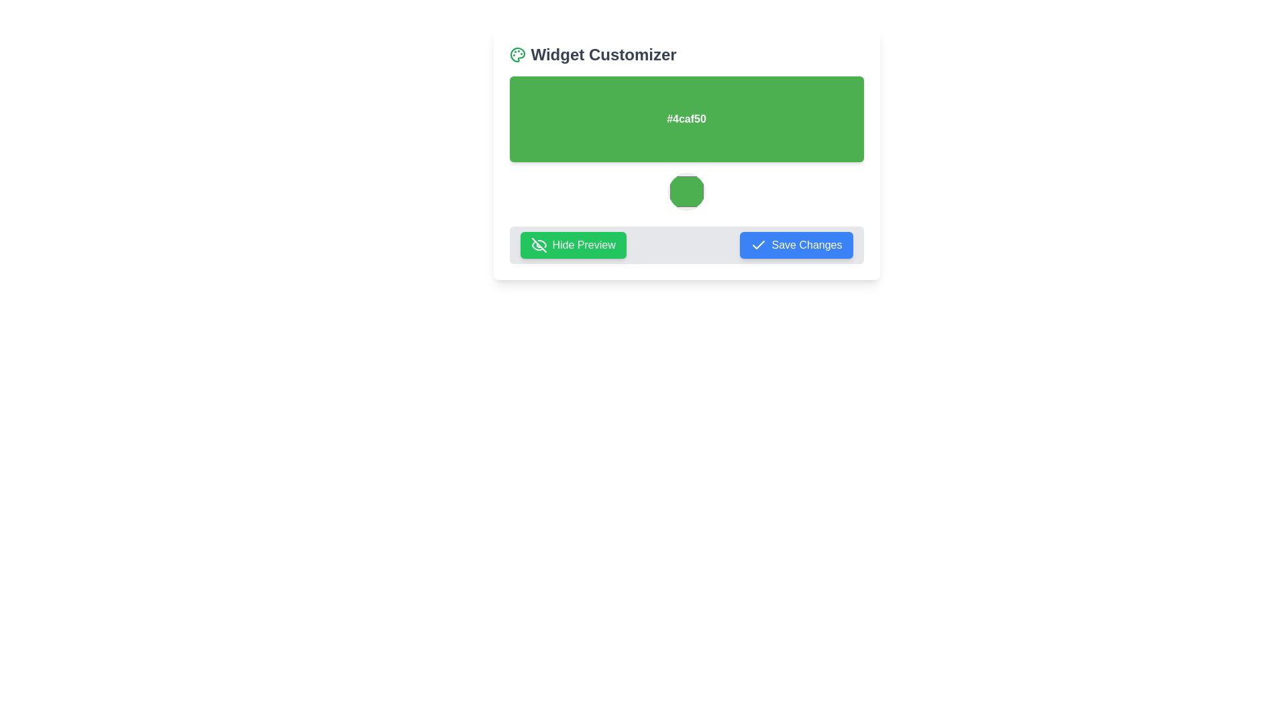 Image resolution: width=1288 pixels, height=724 pixels. Describe the element at coordinates (686, 118) in the screenshot. I see `the text label that displays the hexadecimal color code, located within a green rectangular background in the upper-middle area of the interface, below the title 'Widget Customizer'` at that location.